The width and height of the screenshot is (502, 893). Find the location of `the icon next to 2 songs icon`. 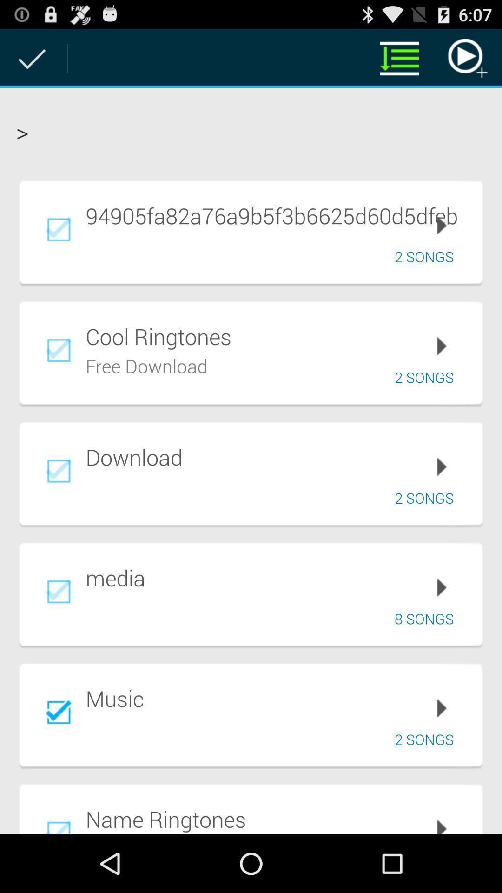

the icon next to 2 songs icon is located at coordinates (146, 364).